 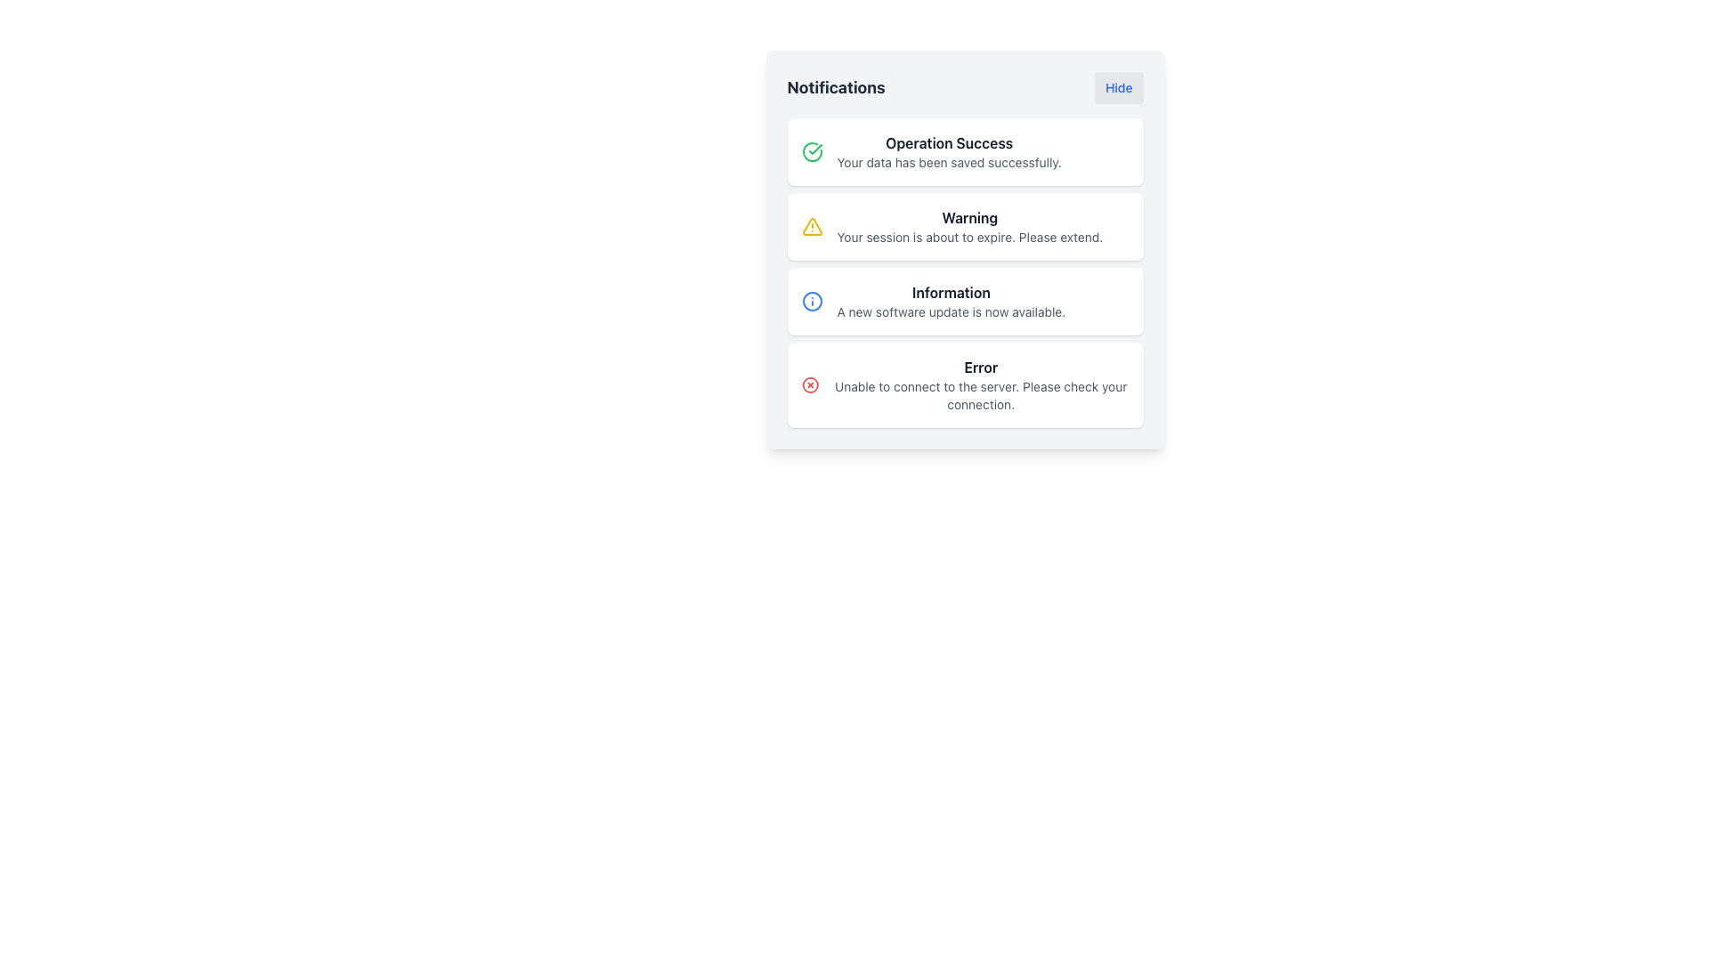 I want to click on the circular red outlined icon with a white background that is part of the 'Error' notification entry, located at the left edge of the last notification card, so click(x=809, y=384).